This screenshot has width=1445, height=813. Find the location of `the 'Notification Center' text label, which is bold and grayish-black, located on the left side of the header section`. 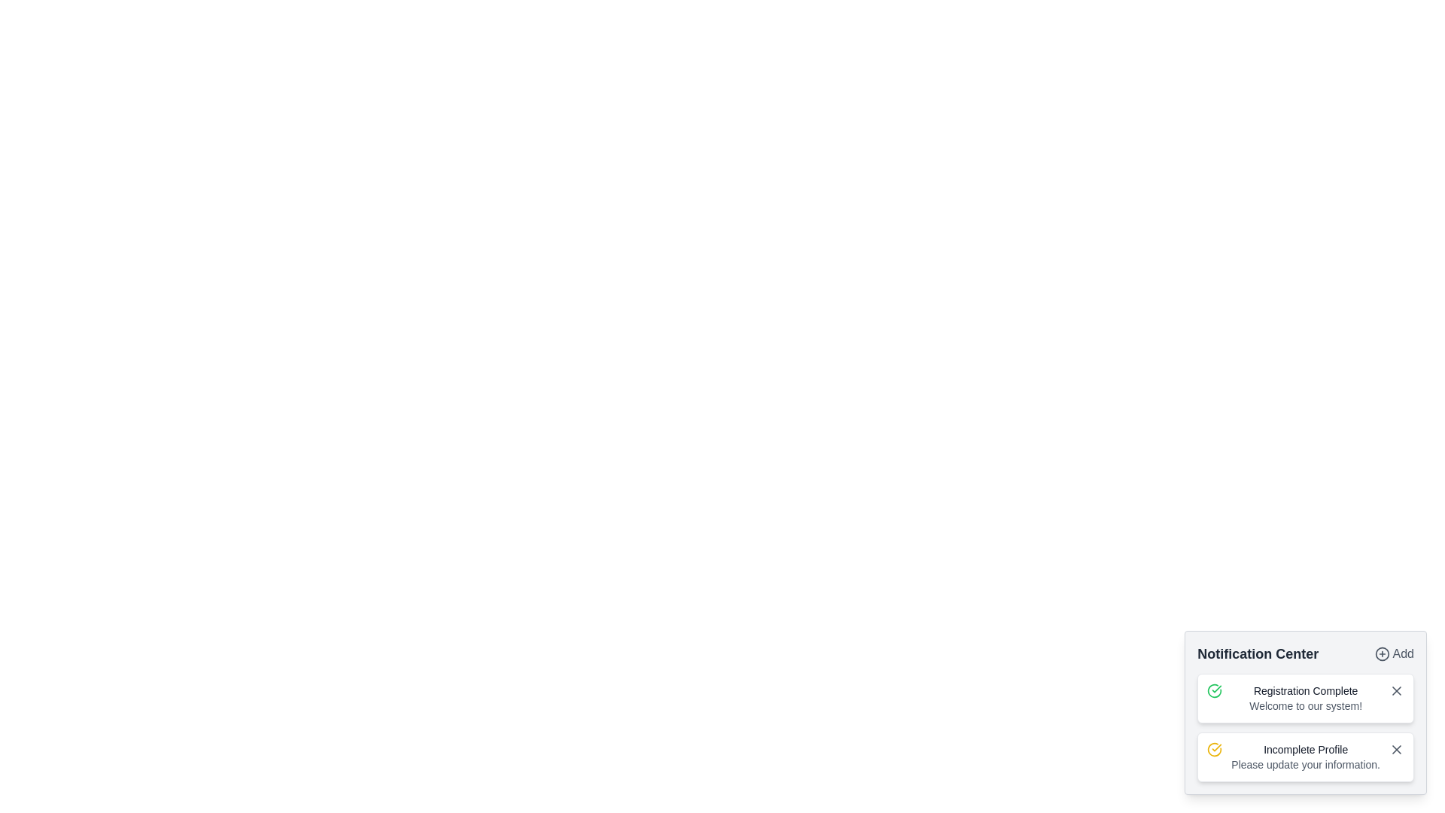

the 'Notification Center' text label, which is bold and grayish-black, located on the left side of the header section is located at coordinates (1258, 653).